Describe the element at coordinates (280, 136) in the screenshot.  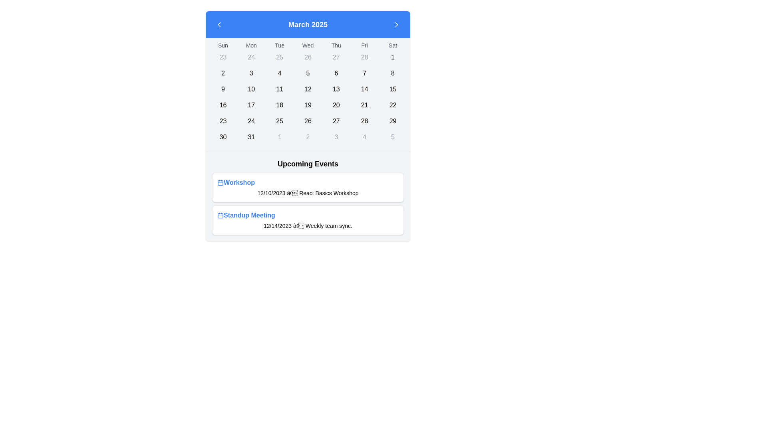
I see `the inactive calendar date tile displaying the number '1'` at that location.